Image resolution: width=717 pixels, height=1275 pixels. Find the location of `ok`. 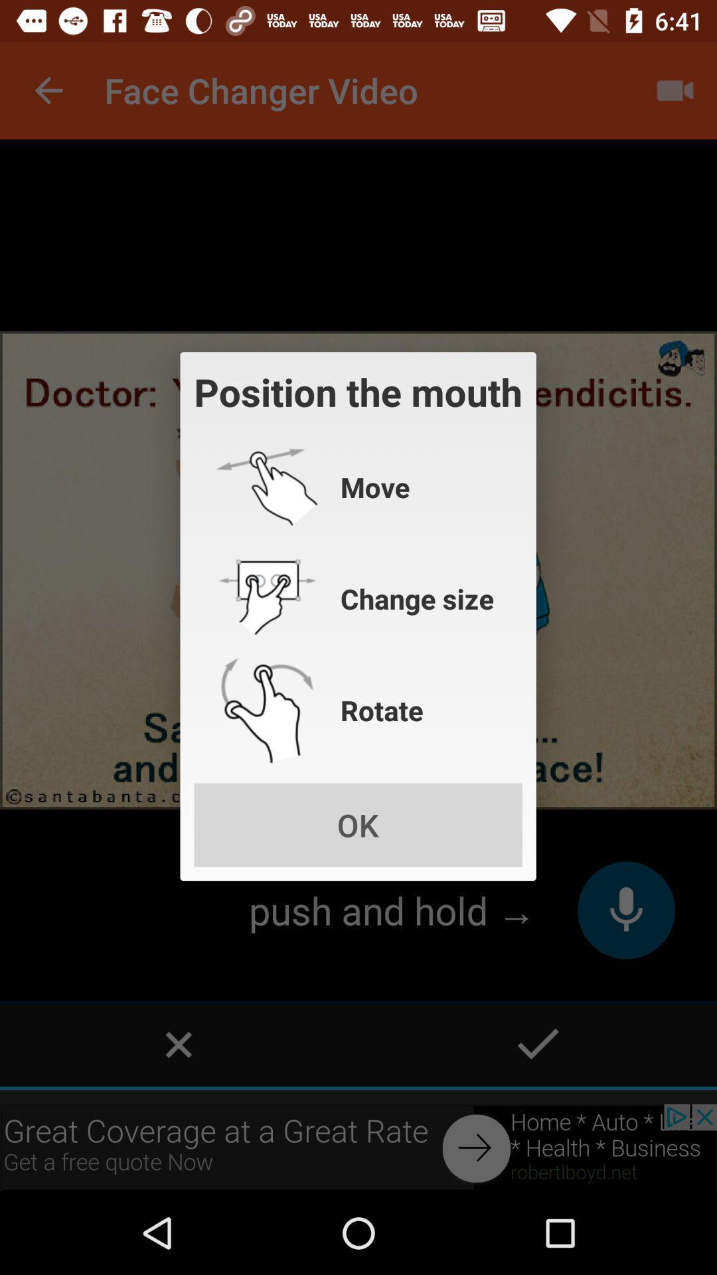

ok is located at coordinates (357, 824).